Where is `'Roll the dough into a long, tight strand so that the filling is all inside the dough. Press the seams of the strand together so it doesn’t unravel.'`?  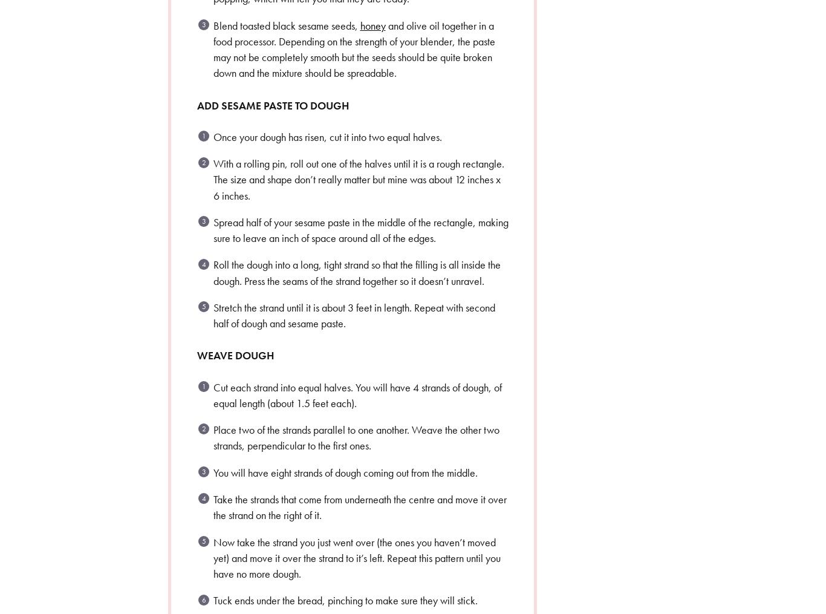 'Roll the dough into a long, tight strand so that the filling is all inside the dough. Press the seams of the strand together so it doesn’t unravel.' is located at coordinates (356, 272).